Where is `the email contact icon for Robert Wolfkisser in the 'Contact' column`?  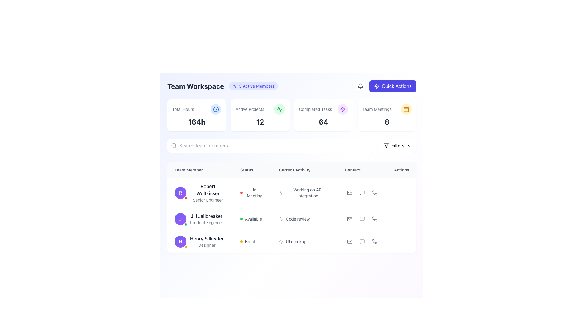
the email contact icon for Robert Wolfkisser in the 'Contact' column is located at coordinates (350, 193).